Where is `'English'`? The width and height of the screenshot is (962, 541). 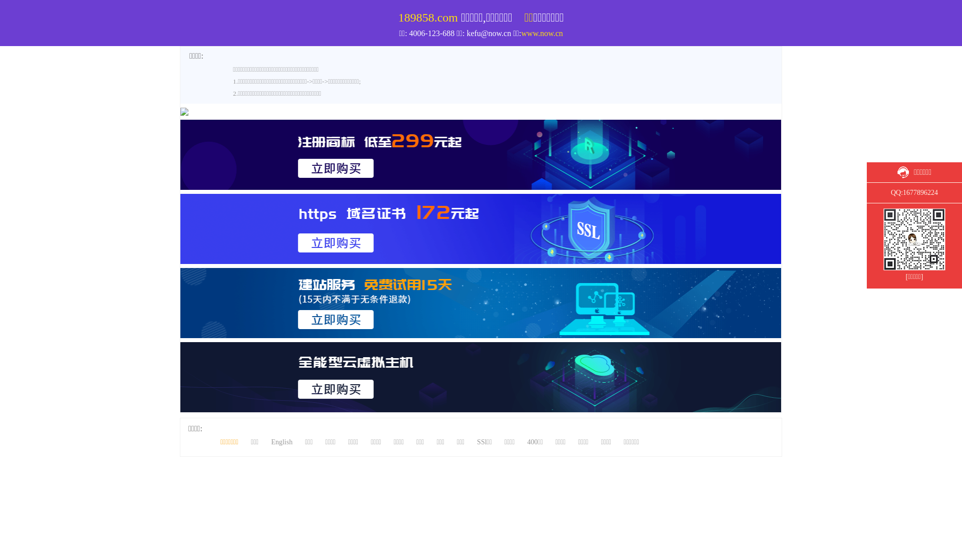 'English' is located at coordinates (281, 441).